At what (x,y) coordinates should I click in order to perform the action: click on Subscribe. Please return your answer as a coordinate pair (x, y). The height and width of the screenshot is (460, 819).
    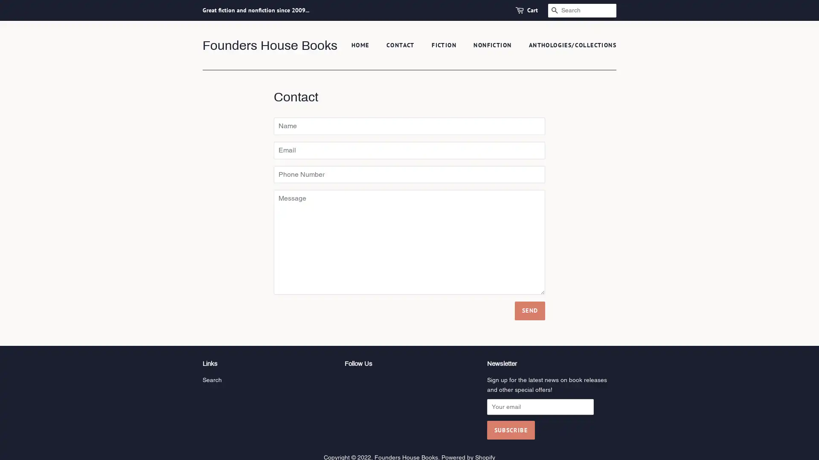
    Looking at the image, I should click on (510, 430).